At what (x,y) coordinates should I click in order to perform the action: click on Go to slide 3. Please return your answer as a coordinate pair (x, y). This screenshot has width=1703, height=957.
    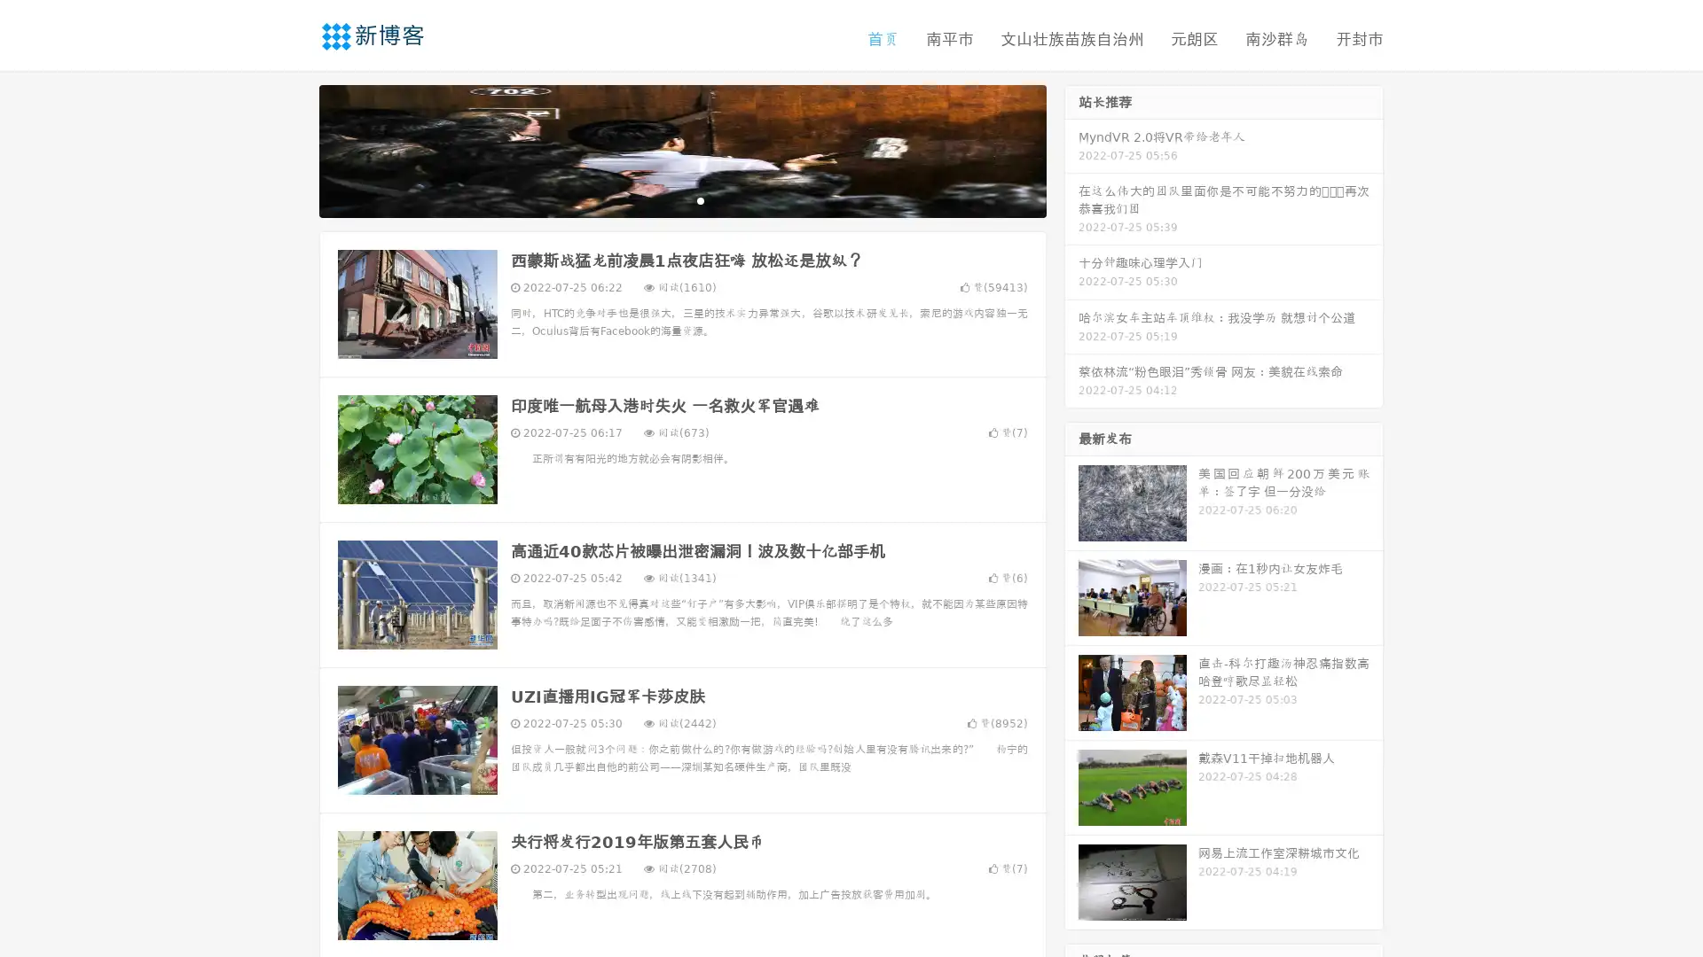
    Looking at the image, I should click on (700, 199).